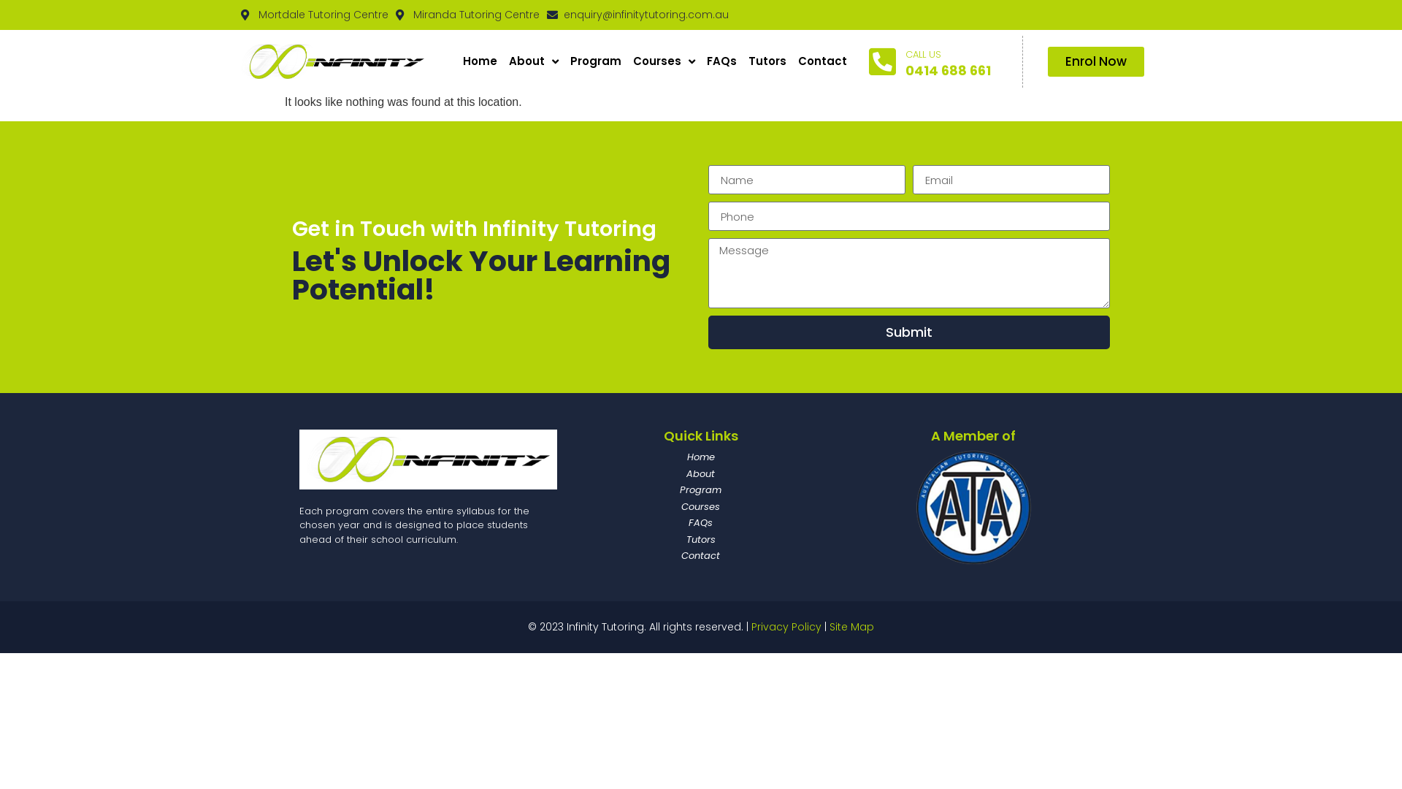  What do you see at coordinates (700, 538) in the screenshot?
I see `'Tutors'` at bounding box center [700, 538].